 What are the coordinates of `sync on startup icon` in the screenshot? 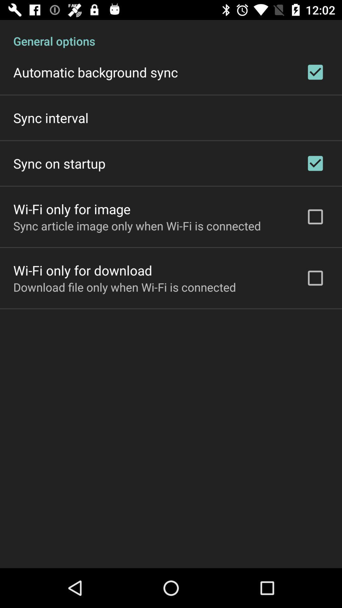 It's located at (59, 163).